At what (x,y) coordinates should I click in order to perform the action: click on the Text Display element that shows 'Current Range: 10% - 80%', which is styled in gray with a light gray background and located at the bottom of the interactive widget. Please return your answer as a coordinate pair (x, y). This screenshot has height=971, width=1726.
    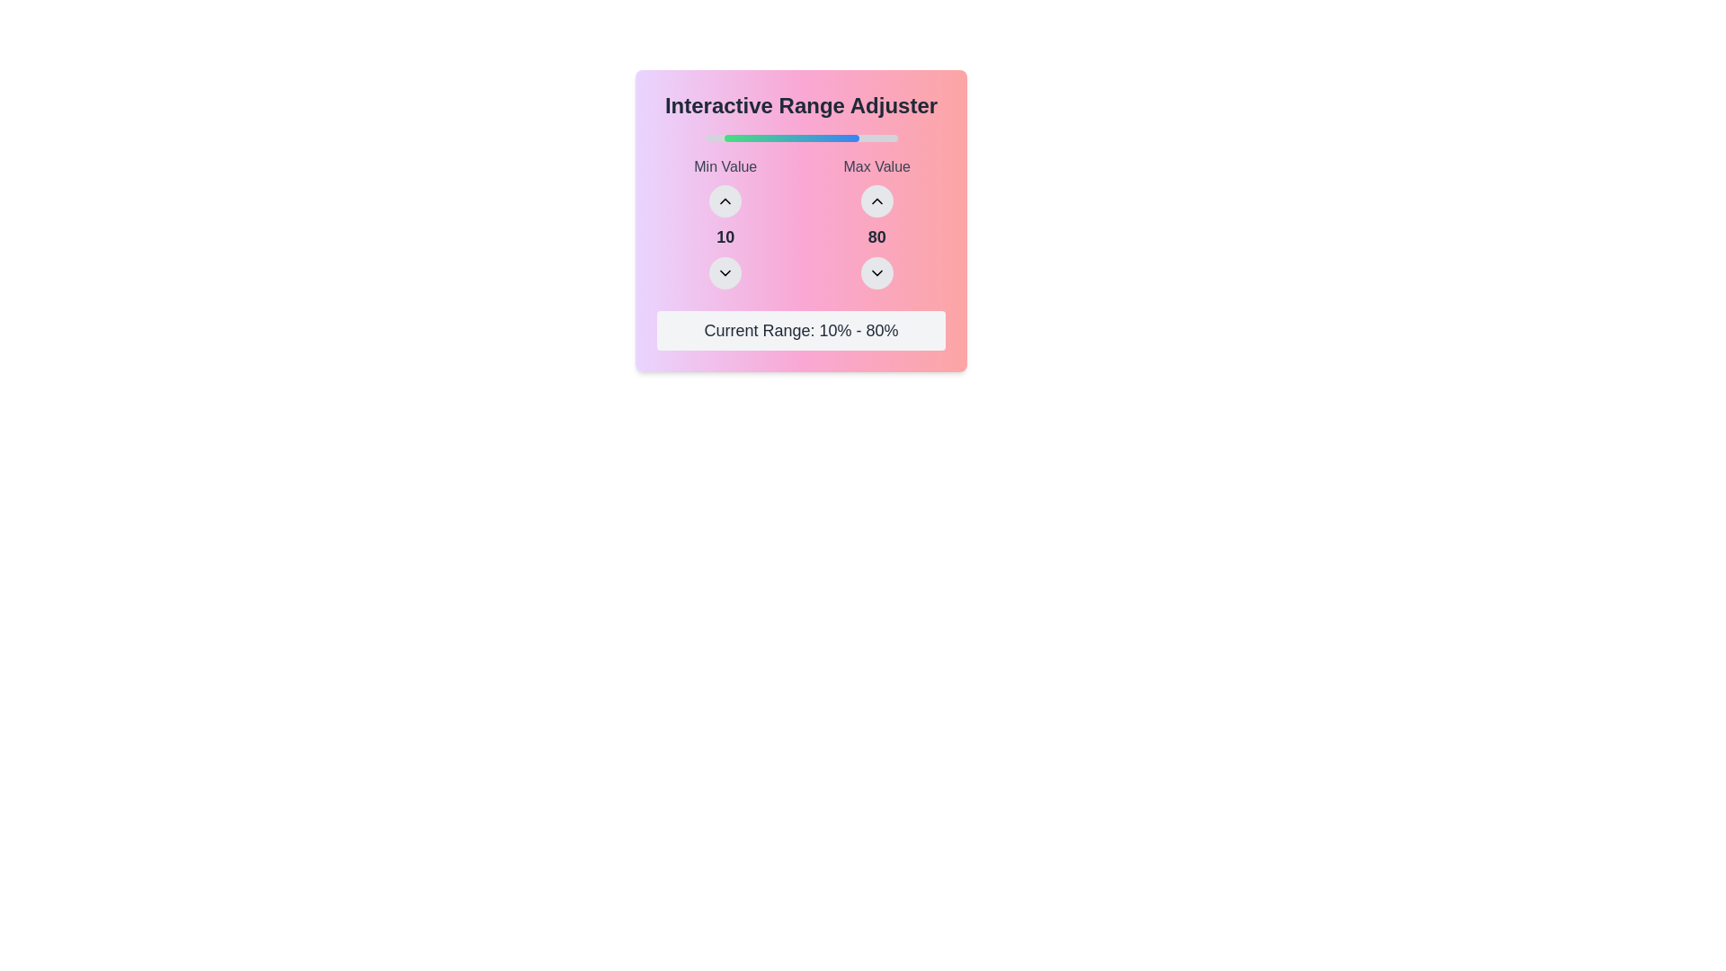
    Looking at the image, I should click on (800, 330).